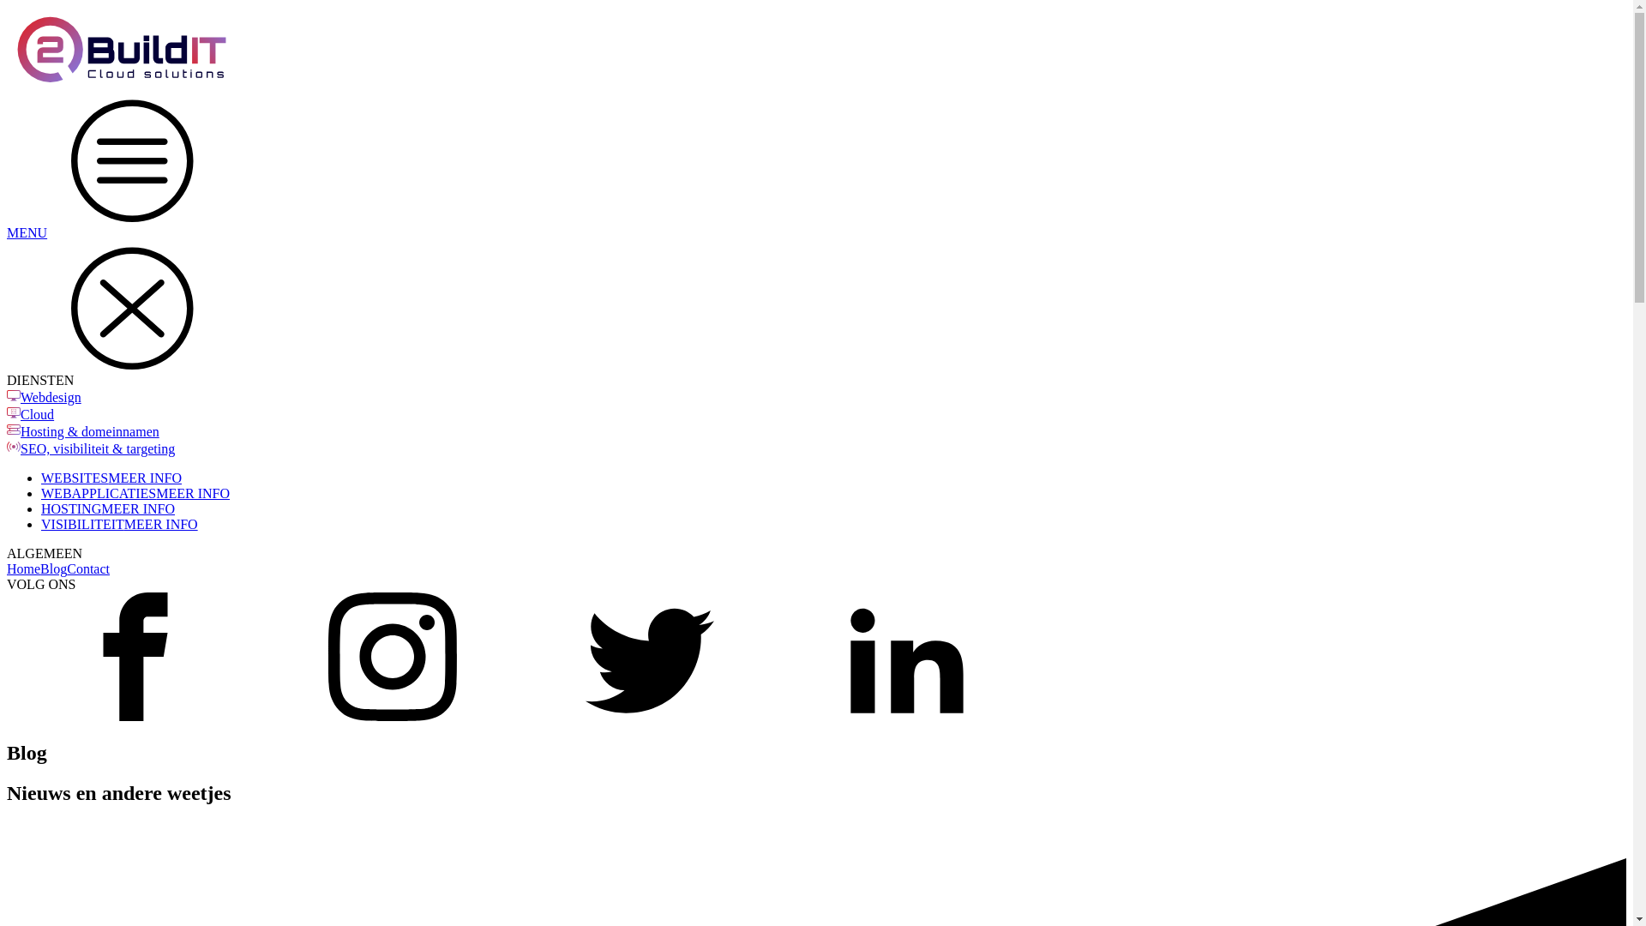 The height and width of the screenshot is (926, 1646). I want to click on 'MEER INFO', so click(144, 478).